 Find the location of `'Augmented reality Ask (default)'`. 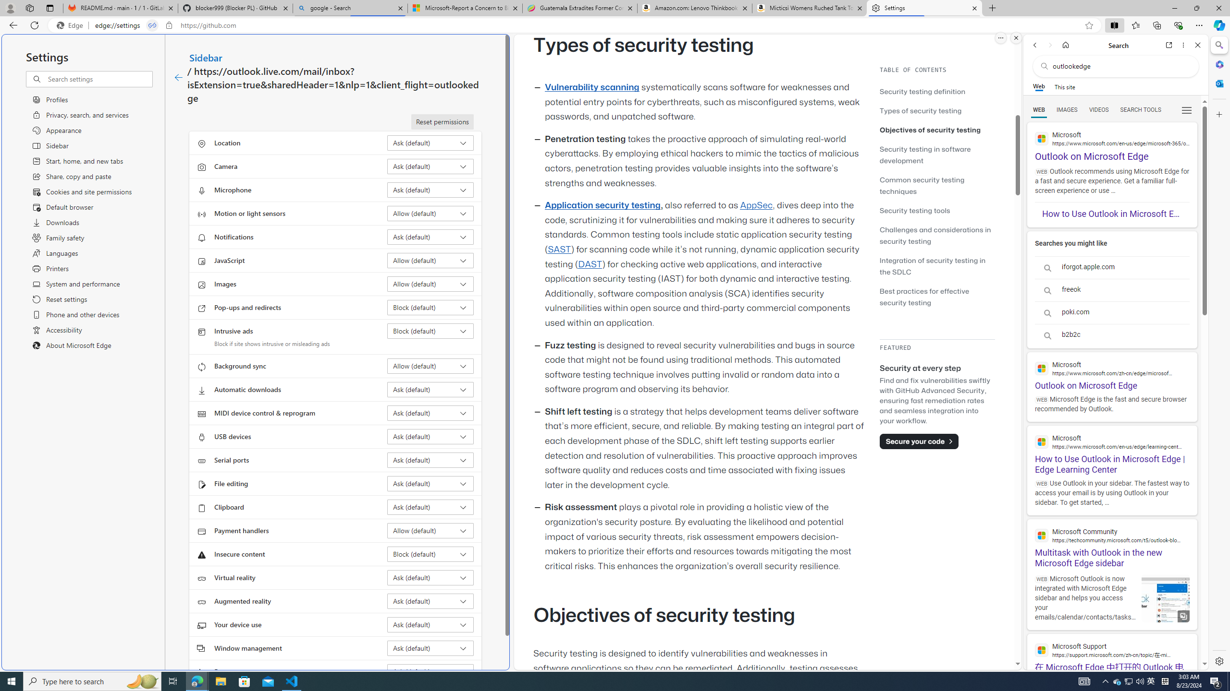

'Augmented reality Ask (default)' is located at coordinates (430, 601).